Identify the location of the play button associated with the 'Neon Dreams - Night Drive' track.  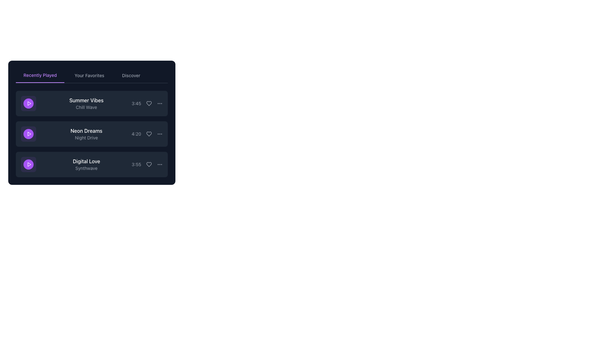
(29, 133).